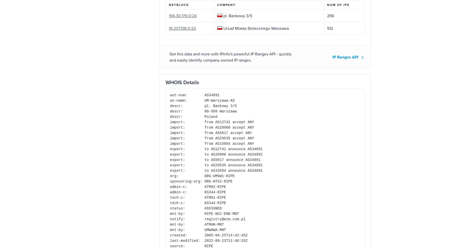 This screenshot has height=249, width=457. What do you see at coordinates (103, 201) in the screenshot?
I see `'Abuse Contact API'` at bounding box center [103, 201].